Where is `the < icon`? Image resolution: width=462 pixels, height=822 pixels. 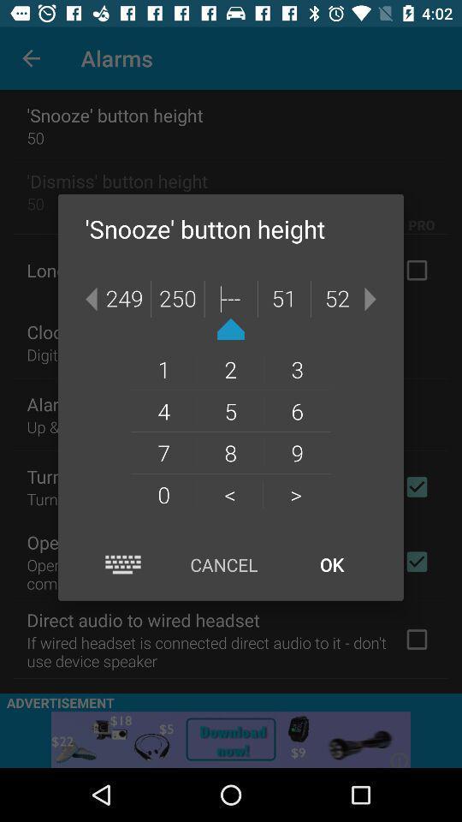 the < icon is located at coordinates (230, 494).